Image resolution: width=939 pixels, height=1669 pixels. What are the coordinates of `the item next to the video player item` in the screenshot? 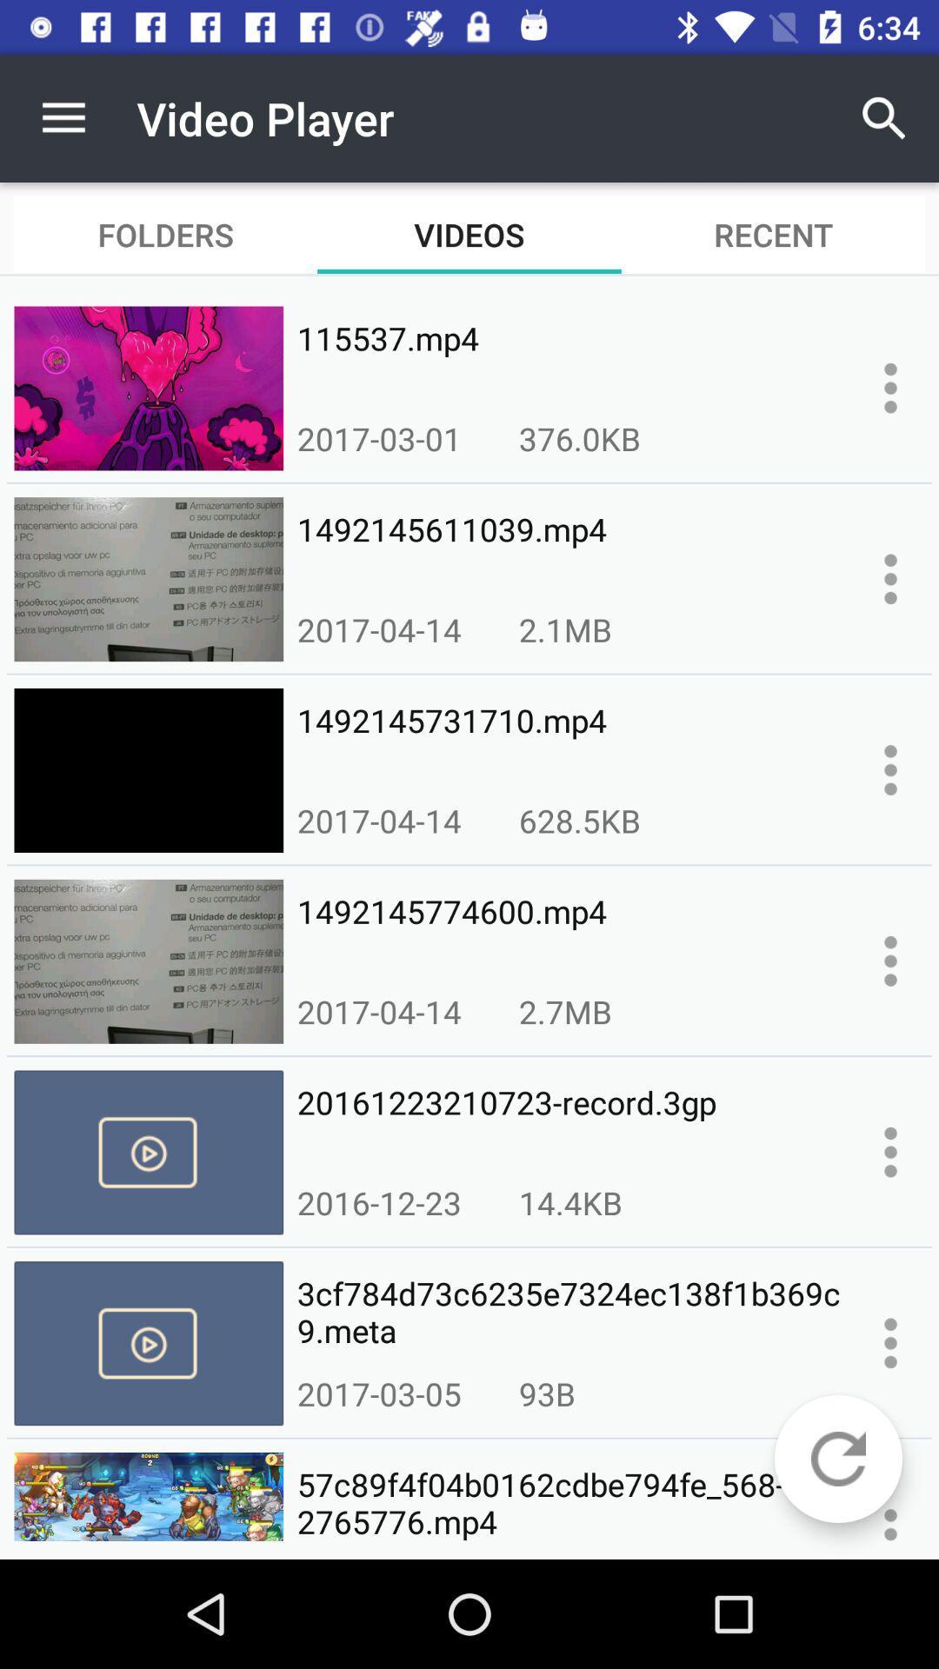 It's located at (63, 117).